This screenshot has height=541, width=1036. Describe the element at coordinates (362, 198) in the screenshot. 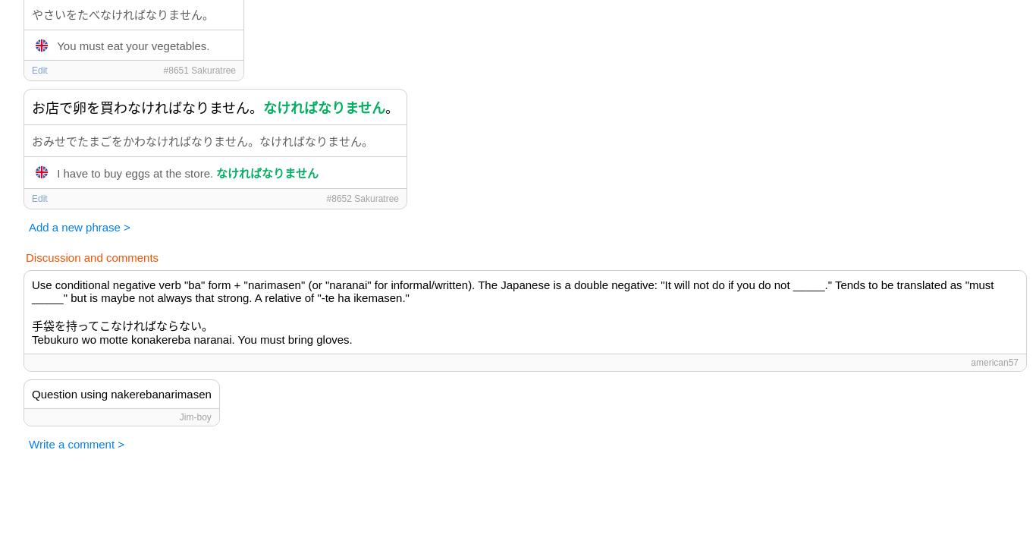

I see `'#8652 Sakuratree'` at that location.